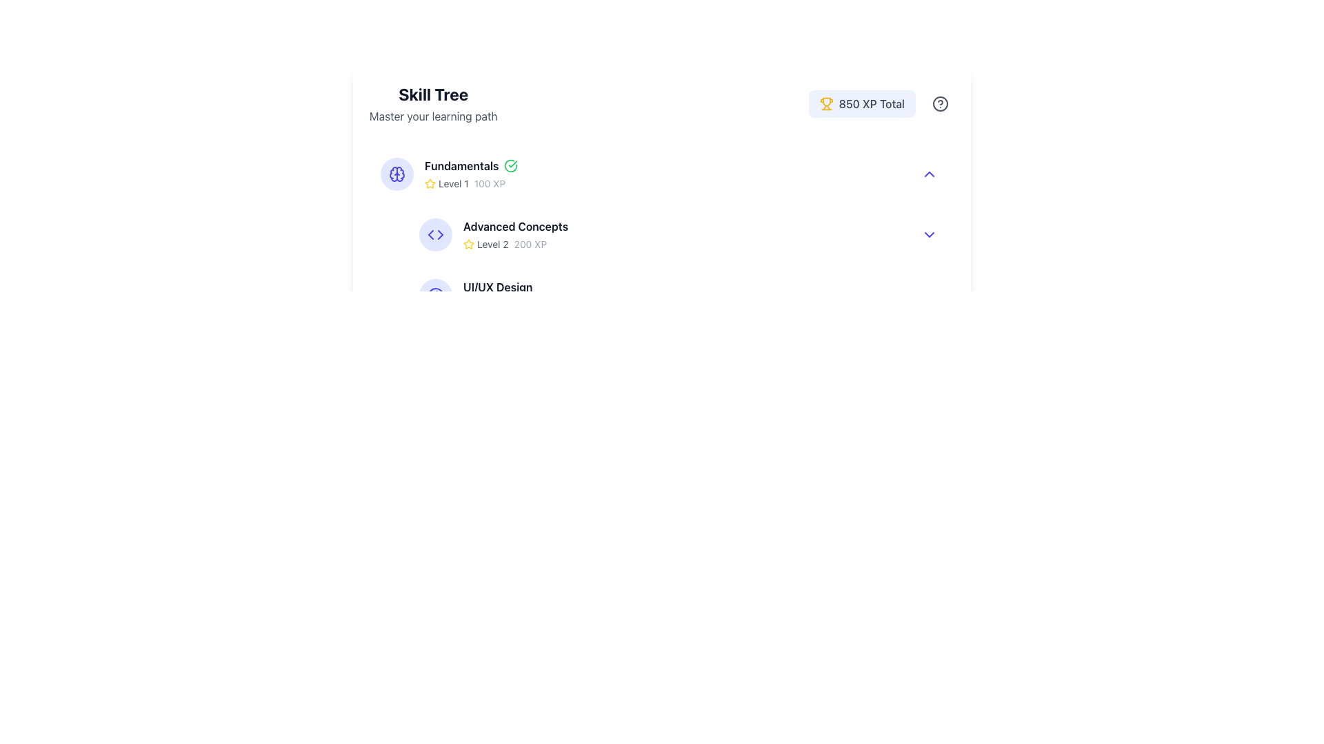 Image resolution: width=1324 pixels, height=744 pixels. Describe the element at coordinates (871, 103) in the screenshot. I see `the Static Text Display showing '850 XP Total', which is located in the top-right section of the interface, adjacent to the yellow trophy icon` at that location.